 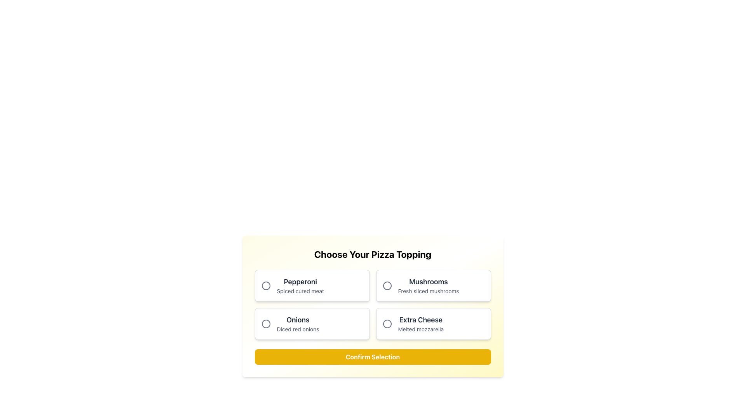 What do you see at coordinates (387, 324) in the screenshot?
I see `the gray circle indicator/icon located to the left of the text 'Extra Cheese' in the bottom-right card of the 'Choose Your Pizza Topping' section for additional information` at bounding box center [387, 324].